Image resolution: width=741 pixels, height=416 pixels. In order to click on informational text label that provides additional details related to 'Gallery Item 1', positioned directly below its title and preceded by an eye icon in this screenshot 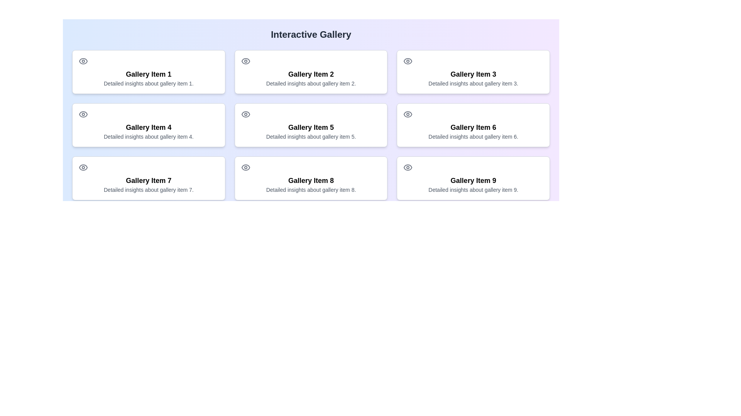, I will do `click(149, 83)`.